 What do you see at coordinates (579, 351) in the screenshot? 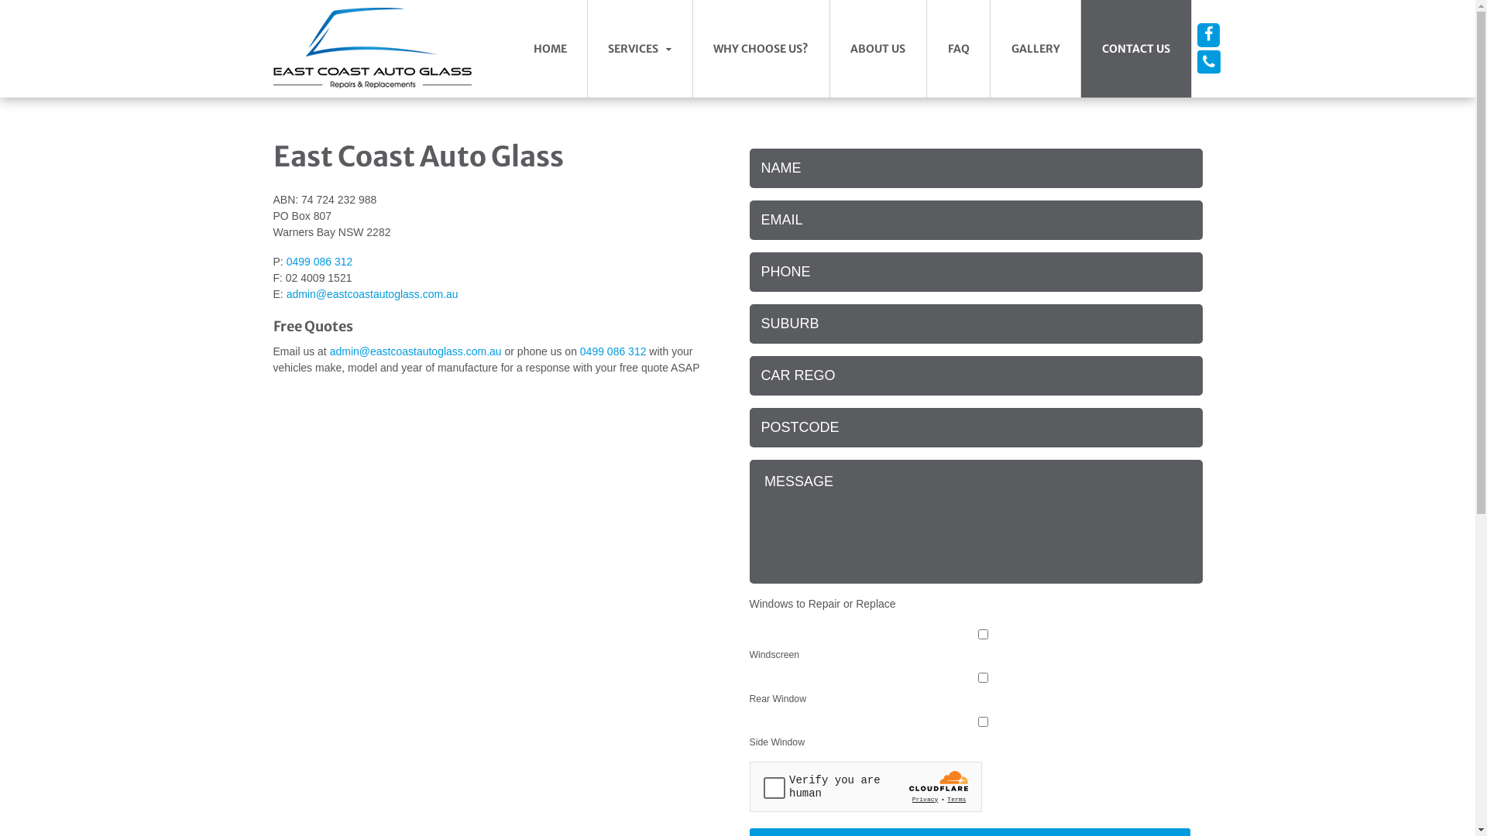
I see `'0499 086 312'` at bounding box center [579, 351].